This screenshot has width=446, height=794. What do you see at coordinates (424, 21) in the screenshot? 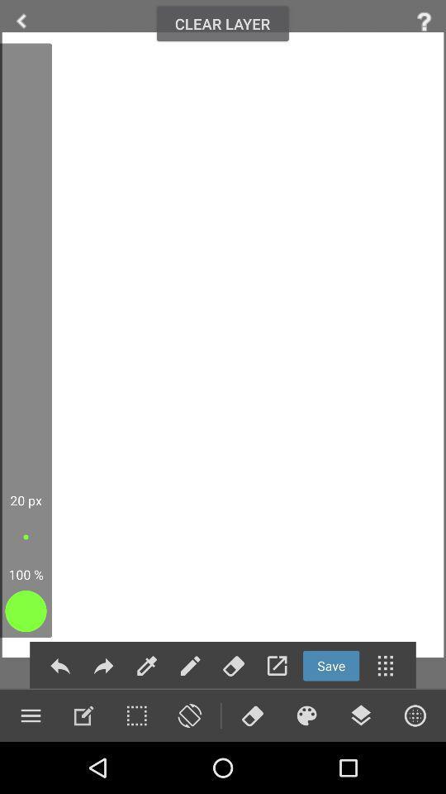
I see `the help icon` at bounding box center [424, 21].